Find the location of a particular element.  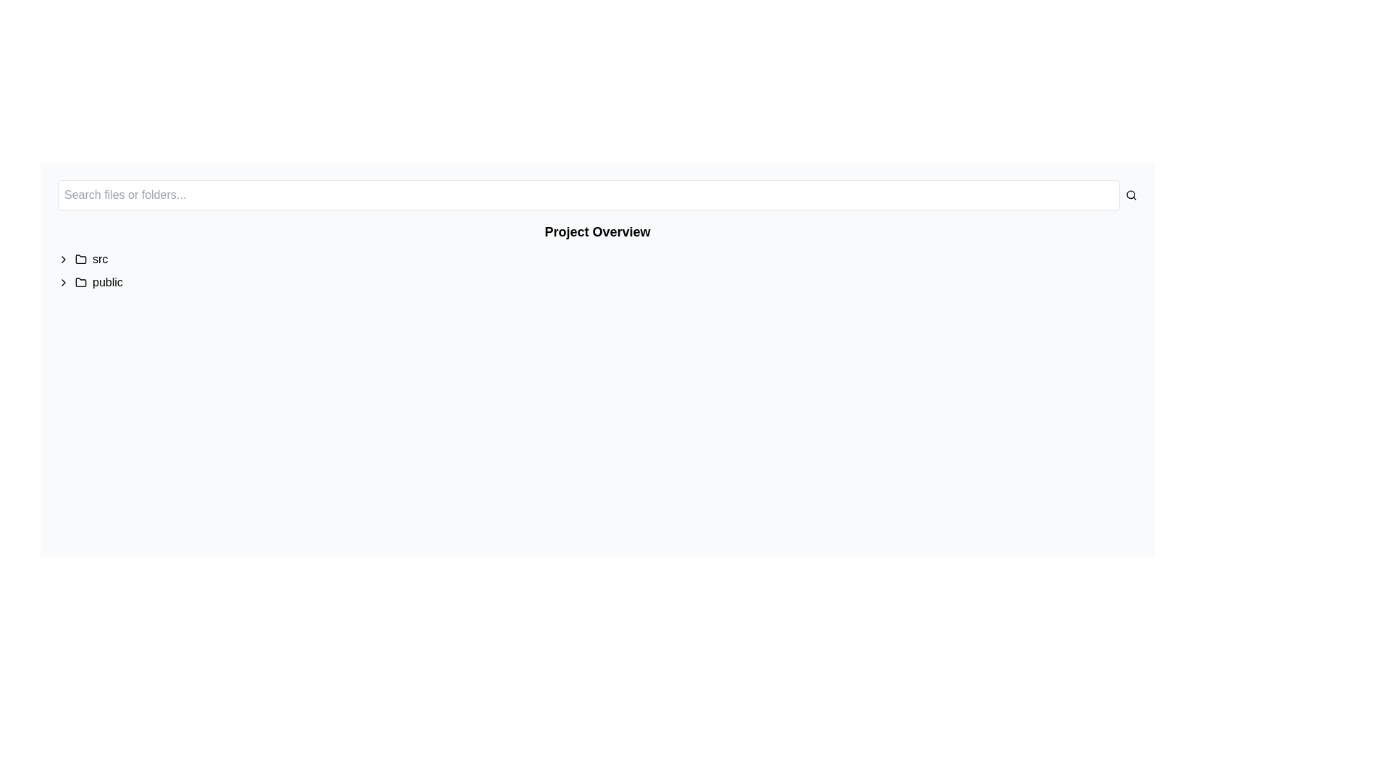

the folder icon located between a small arrow icon and the text 'src' in the file navigation view is located at coordinates (80, 258).